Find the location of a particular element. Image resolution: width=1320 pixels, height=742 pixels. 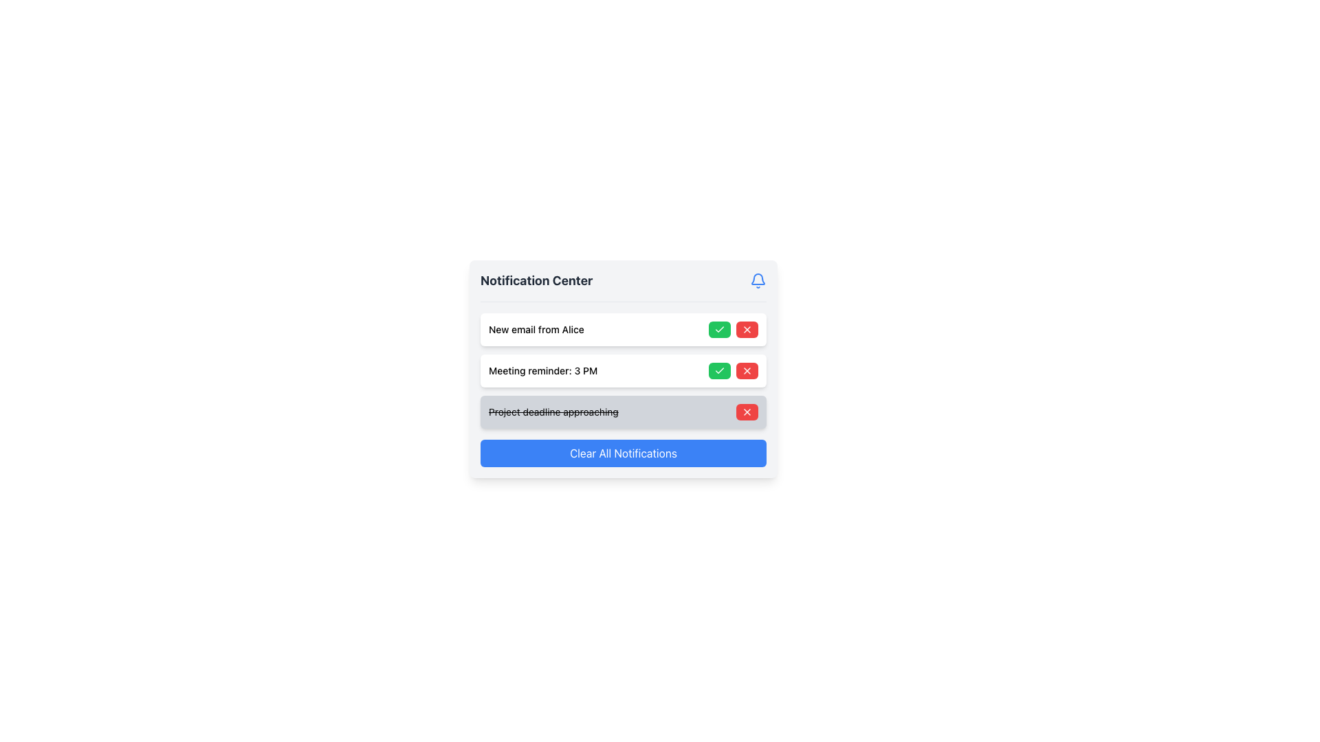

the notification icon located at the top-right corner of the 'Notification Center' interface, adjacent to the text 'Notification Center' is located at coordinates (758, 280).